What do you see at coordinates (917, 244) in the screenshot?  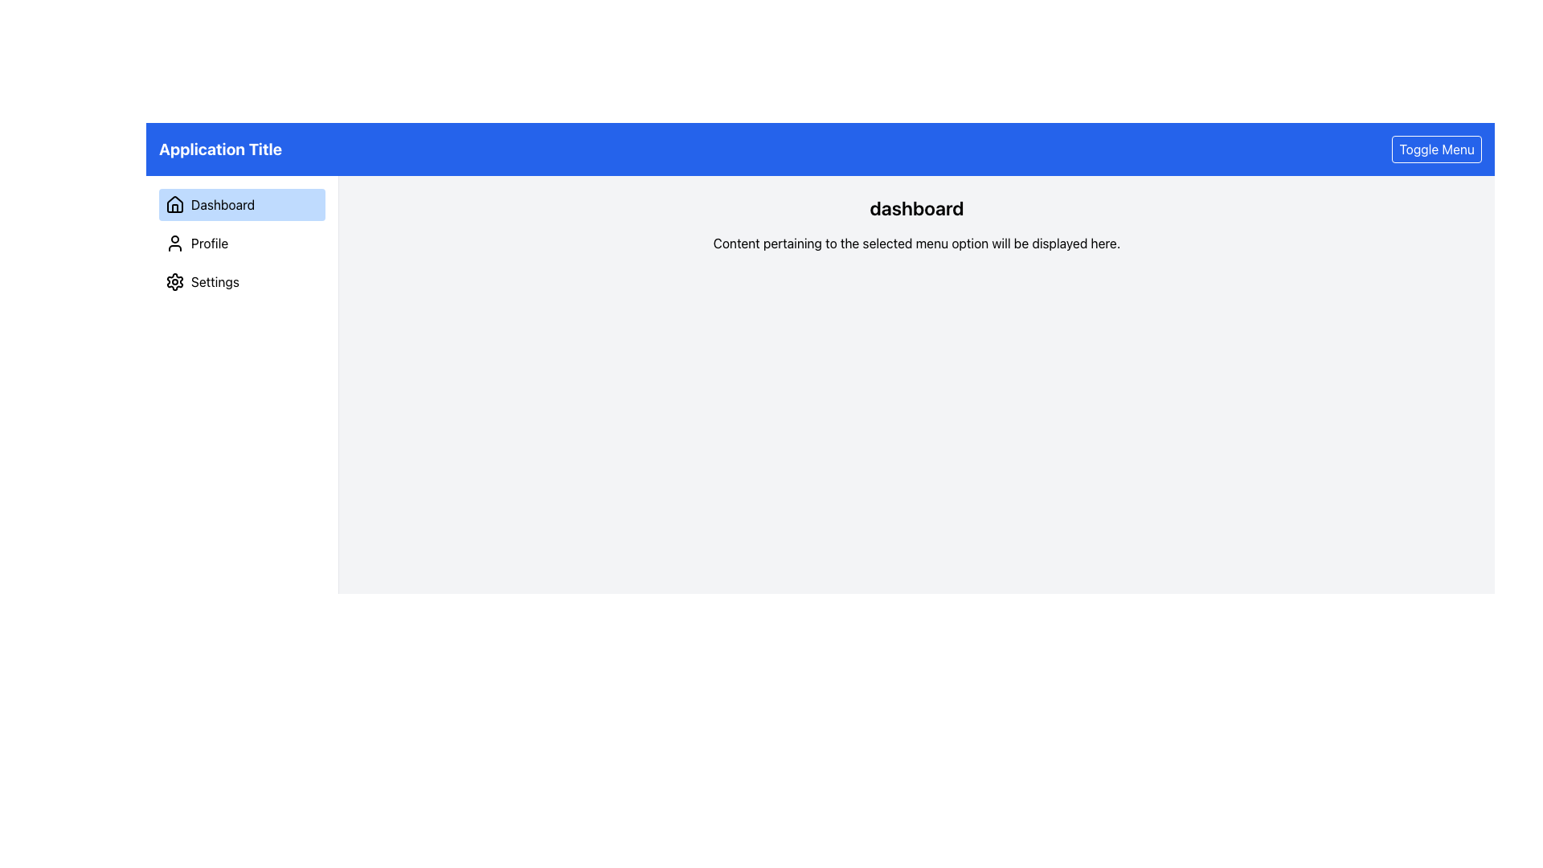 I see `static informational text displayed below the 'dashboard' title in the main content area` at bounding box center [917, 244].